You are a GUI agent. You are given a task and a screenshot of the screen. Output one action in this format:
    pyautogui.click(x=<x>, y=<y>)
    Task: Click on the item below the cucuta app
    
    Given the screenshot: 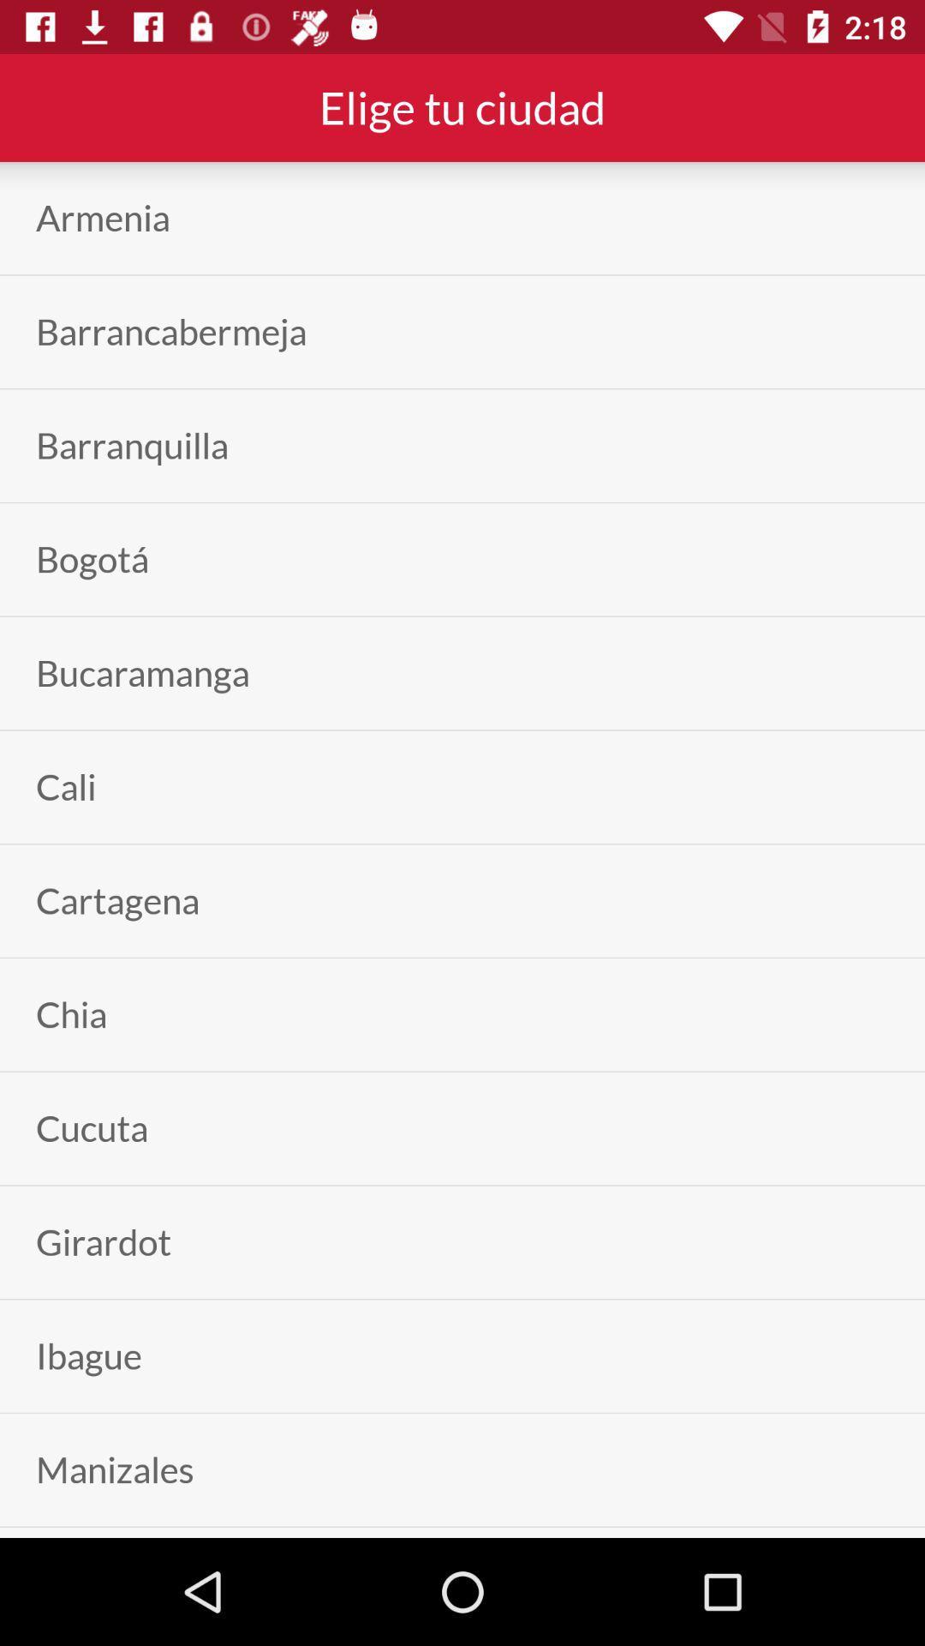 What is the action you would take?
    pyautogui.click(x=104, y=1242)
    